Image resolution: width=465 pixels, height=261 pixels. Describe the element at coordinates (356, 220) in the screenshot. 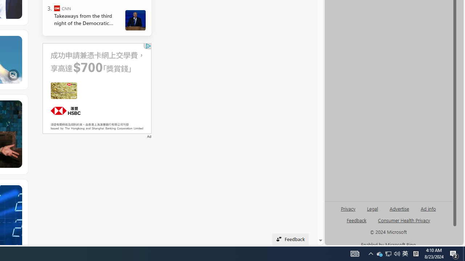

I see `'AutomationID: sb_feedback'` at that location.